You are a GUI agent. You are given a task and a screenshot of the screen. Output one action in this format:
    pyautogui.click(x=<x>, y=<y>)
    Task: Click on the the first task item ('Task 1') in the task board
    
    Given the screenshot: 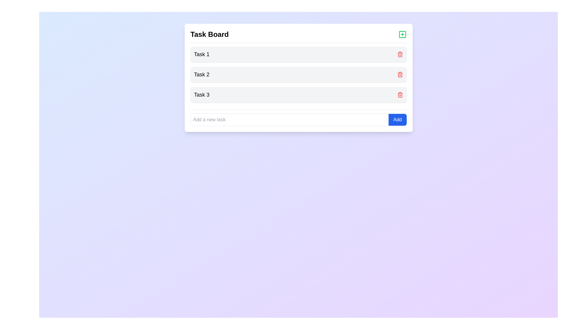 What is the action you would take?
    pyautogui.click(x=298, y=54)
    